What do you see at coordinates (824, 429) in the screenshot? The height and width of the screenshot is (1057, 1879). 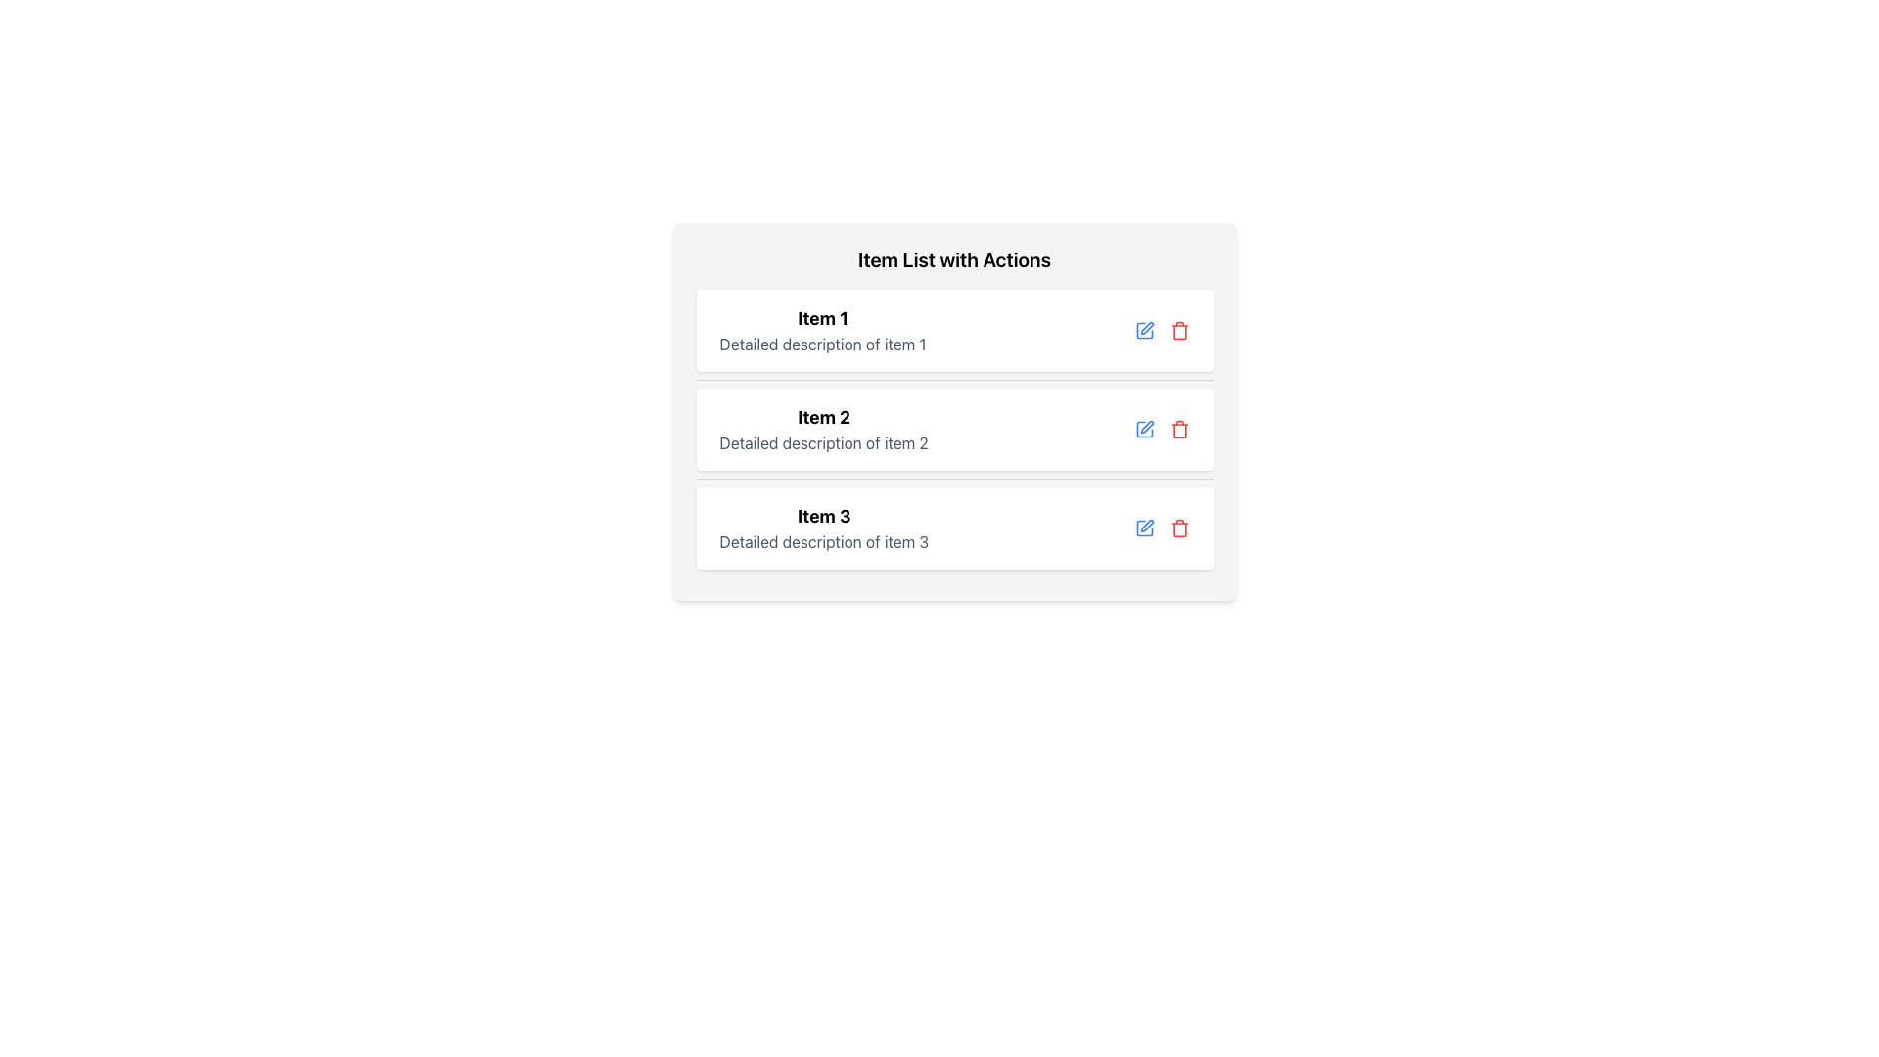 I see `the Text Description Block titled 'Item 2' which contains a bold title and a detailed description` at bounding box center [824, 429].